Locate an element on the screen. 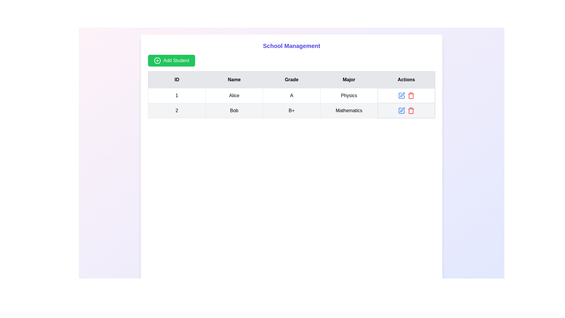  the SVG vector graphic button representing the edit action for the associated row in the table to initiate the editing function is located at coordinates (401, 95).